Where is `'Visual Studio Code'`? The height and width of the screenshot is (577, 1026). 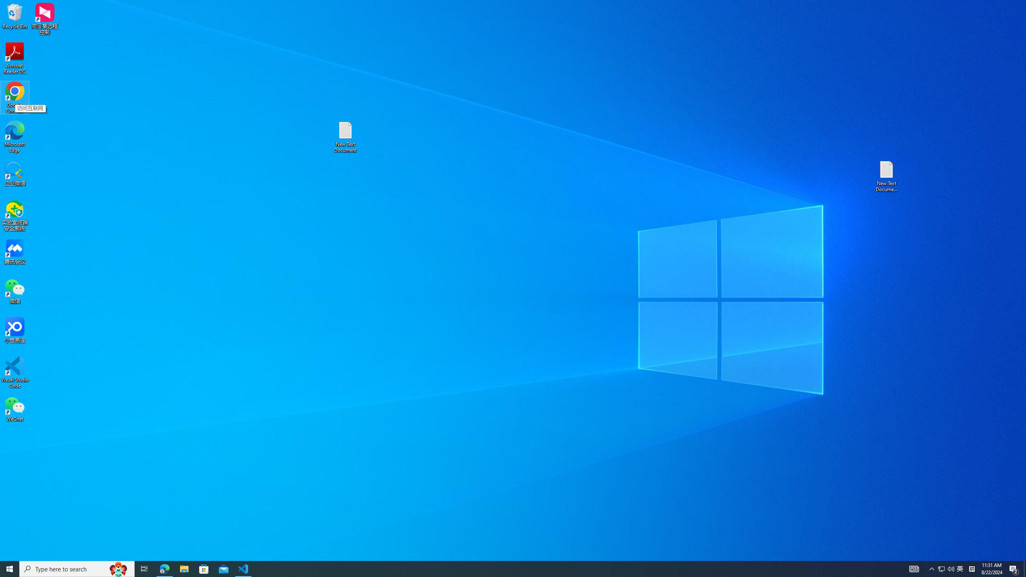 'Visual Studio Code' is located at coordinates (14, 372).